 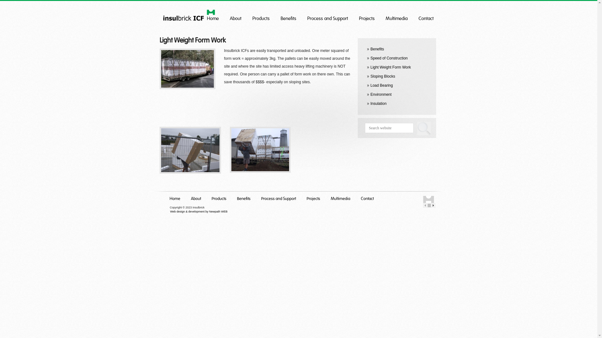 What do you see at coordinates (426, 17) in the screenshot?
I see `'Contact'` at bounding box center [426, 17].